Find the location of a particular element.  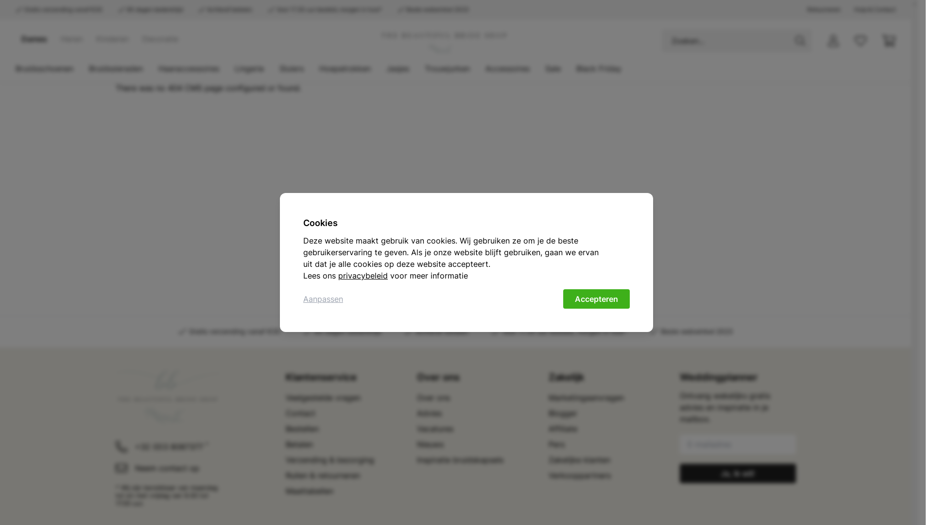

'Jasjes' is located at coordinates (397, 68).